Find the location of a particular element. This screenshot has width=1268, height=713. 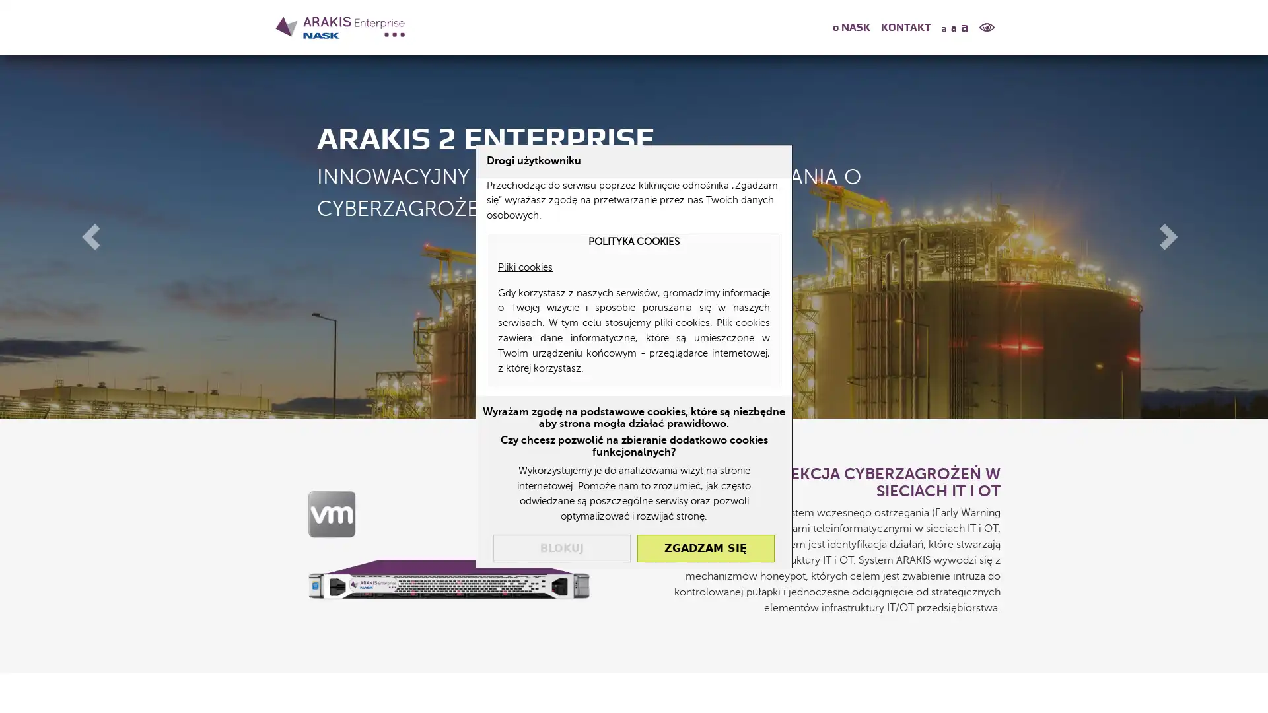

a is located at coordinates (966, 26).